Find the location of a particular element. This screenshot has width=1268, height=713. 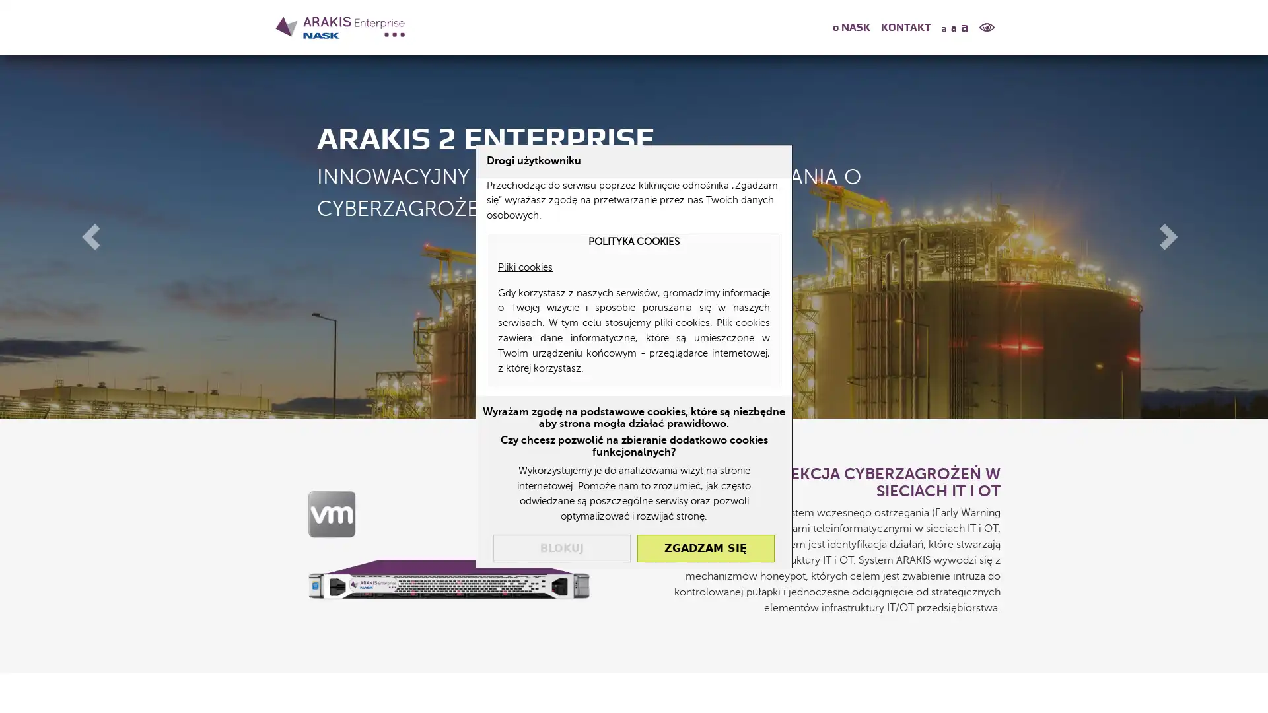

a is located at coordinates (966, 26).